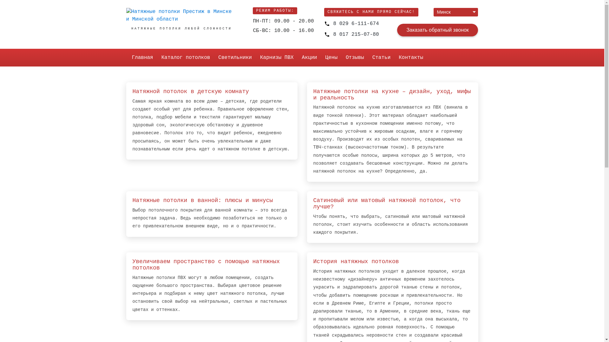 The height and width of the screenshot is (342, 609). What do you see at coordinates (351, 23) in the screenshot?
I see `'8 029 6-111-674'` at bounding box center [351, 23].